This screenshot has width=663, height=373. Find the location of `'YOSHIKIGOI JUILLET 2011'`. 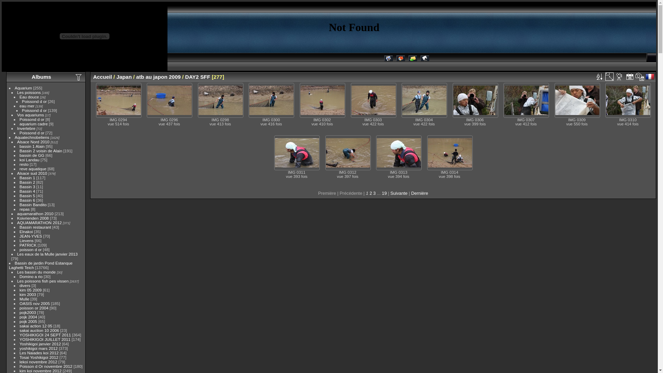

'YOSHIKIGOI JUILLET 2011' is located at coordinates (45, 339).